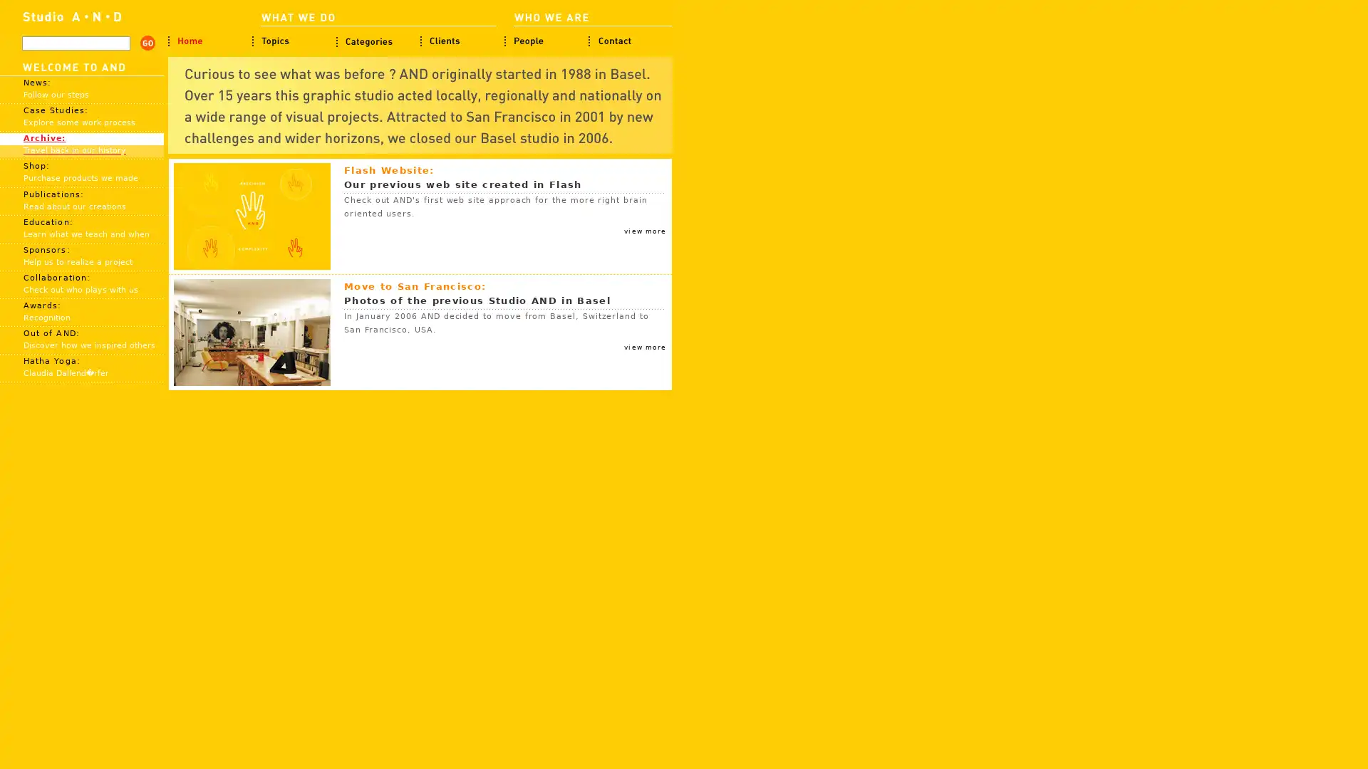 Image resolution: width=1368 pixels, height=769 pixels. What do you see at coordinates (147, 42) in the screenshot?
I see `search` at bounding box center [147, 42].